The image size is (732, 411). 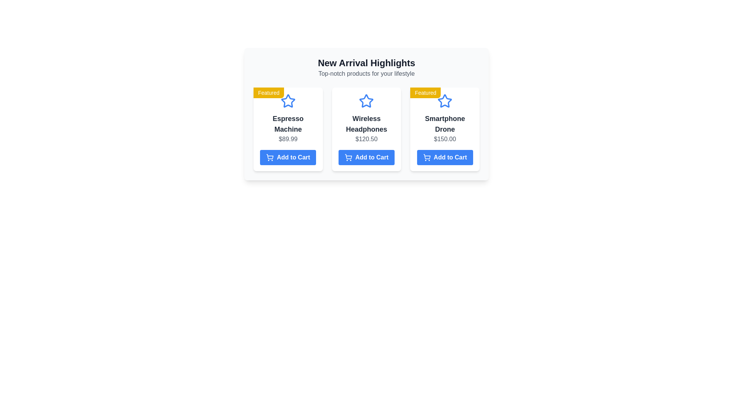 What do you see at coordinates (348, 157) in the screenshot?
I see `the shopping cart icon with a blue background located within the second 'Add to Cart' button` at bounding box center [348, 157].